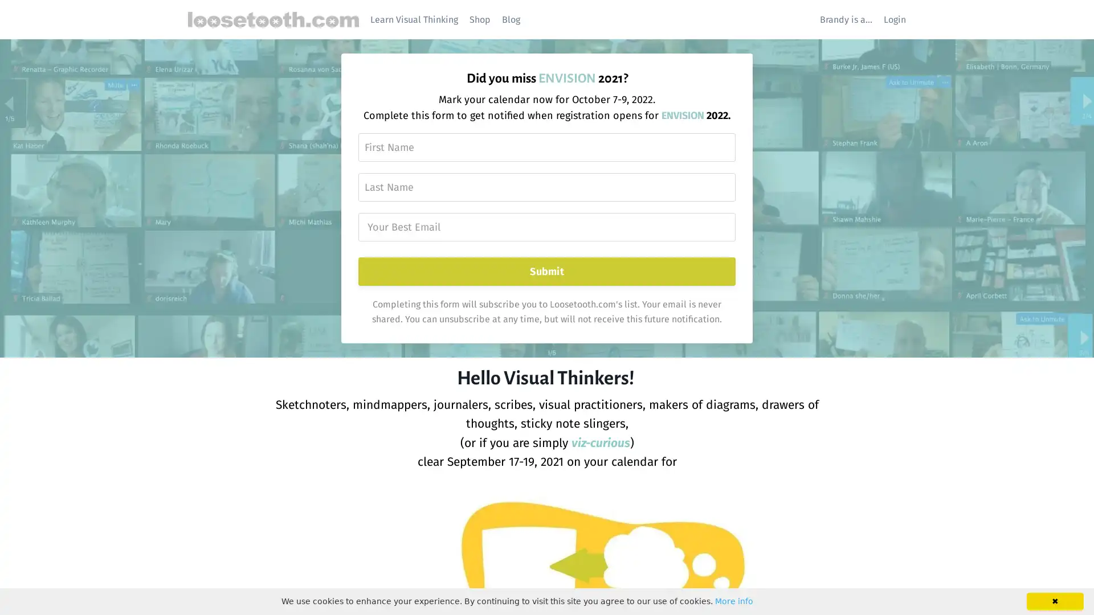 The image size is (1094, 615). What do you see at coordinates (546, 272) in the screenshot?
I see `Submit` at bounding box center [546, 272].